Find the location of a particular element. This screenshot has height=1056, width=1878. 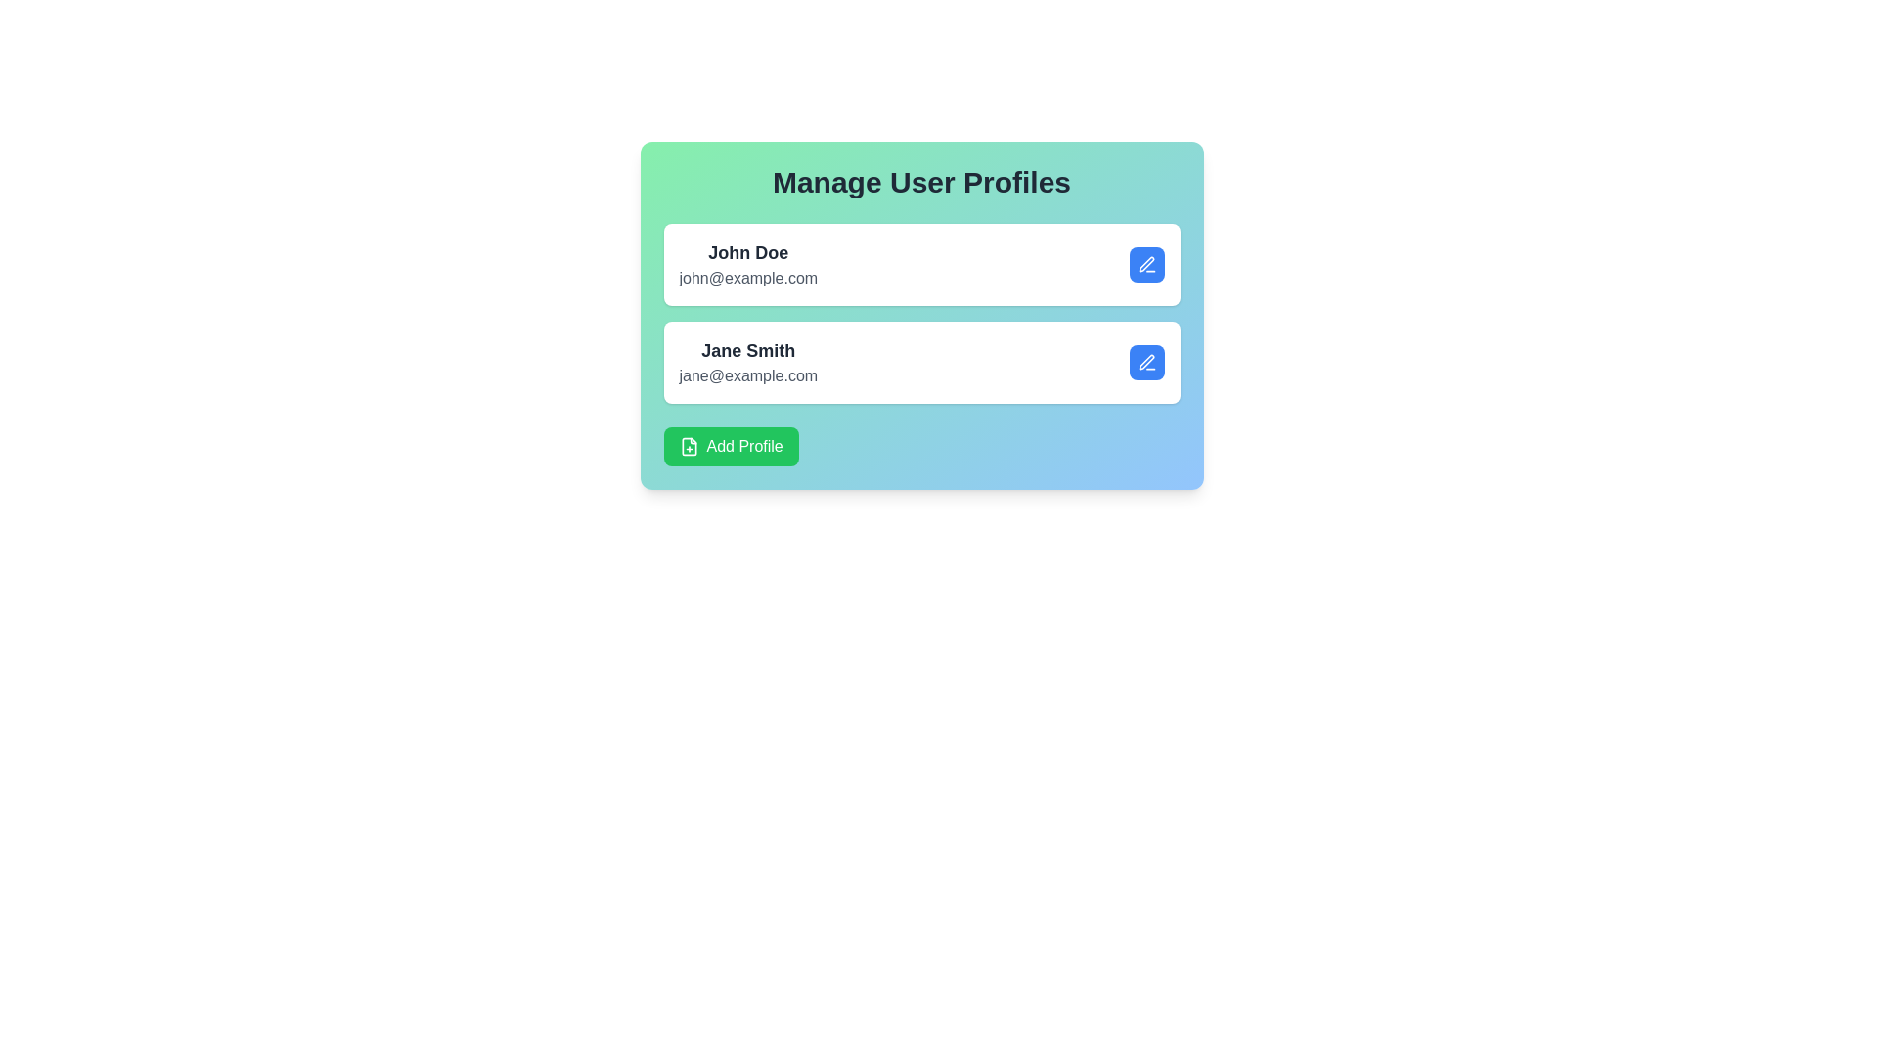

the button with a blue background and rounded corners, which contains a white pen icon, located at the far right within the user information card for 'John Doe' is located at coordinates (1146, 264).